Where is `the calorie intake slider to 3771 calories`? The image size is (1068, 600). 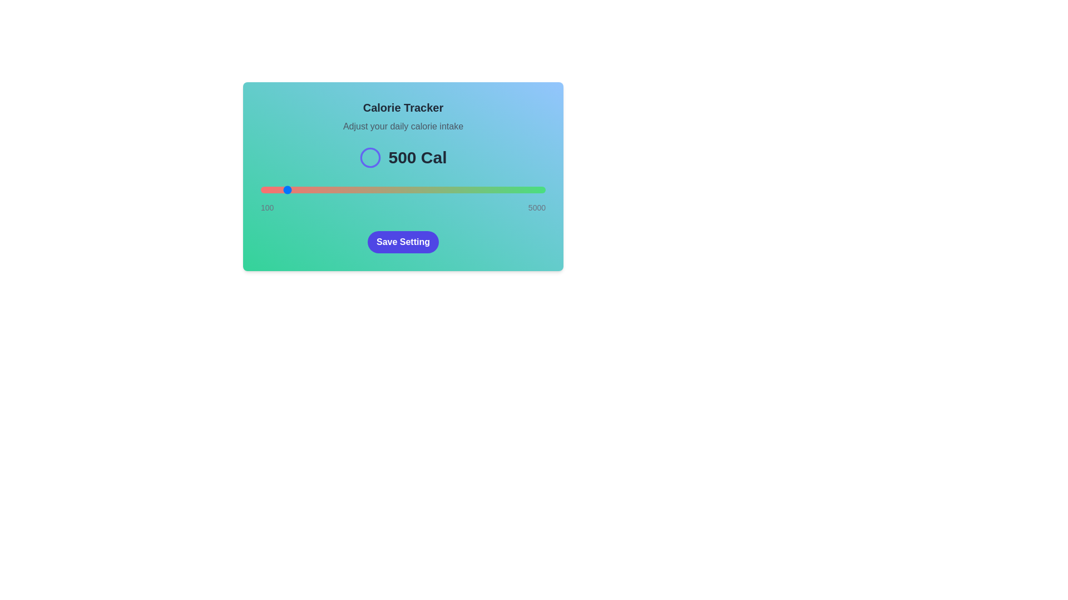
the calorie intake slider to 3771 calories is located at coordinates (474, 189).